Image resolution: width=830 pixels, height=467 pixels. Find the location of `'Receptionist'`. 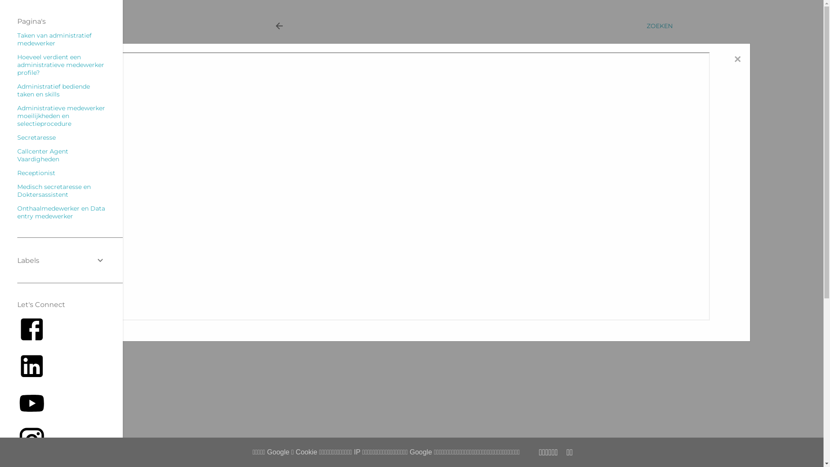

'Receptionist' is located at coordinates (35, 173).